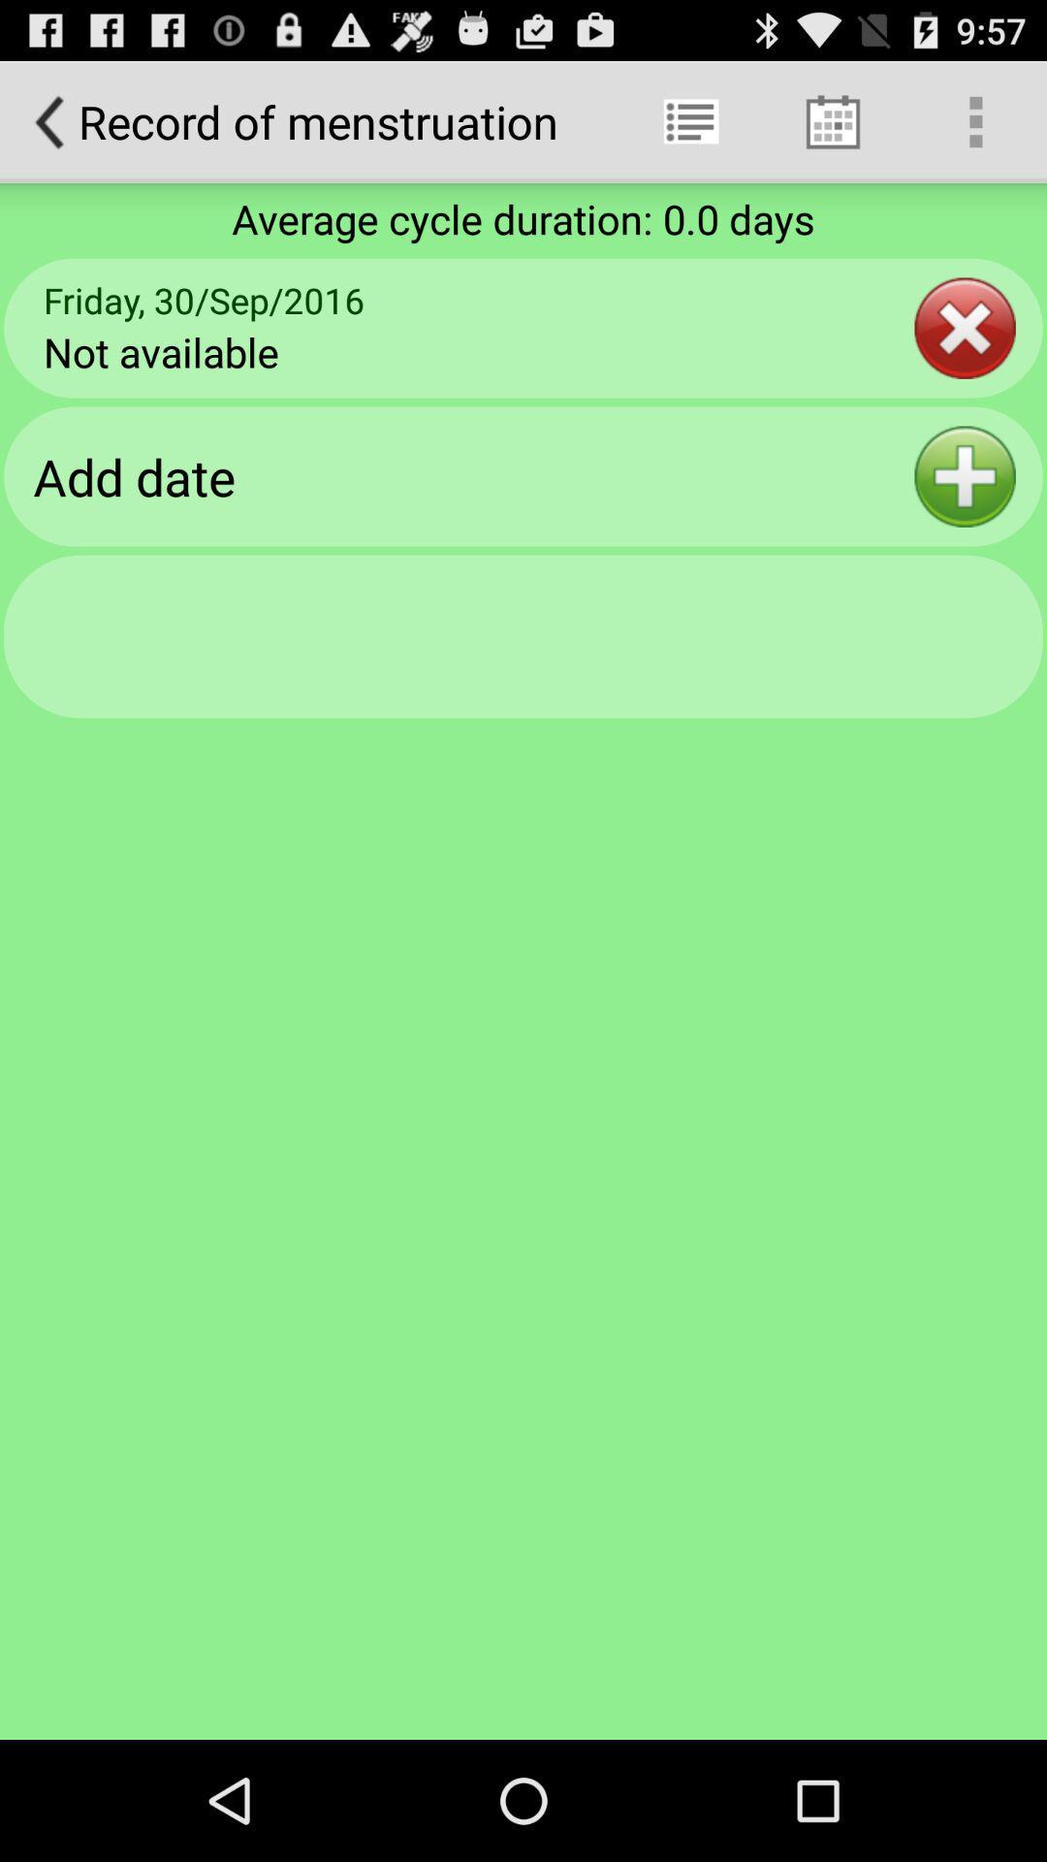 This screenshot has height=1862, width=1047. What do you see at coordinates (965, 328) in the screenshot?
I see `item below the average cycle duration icon` at bounding box center [965, 328].